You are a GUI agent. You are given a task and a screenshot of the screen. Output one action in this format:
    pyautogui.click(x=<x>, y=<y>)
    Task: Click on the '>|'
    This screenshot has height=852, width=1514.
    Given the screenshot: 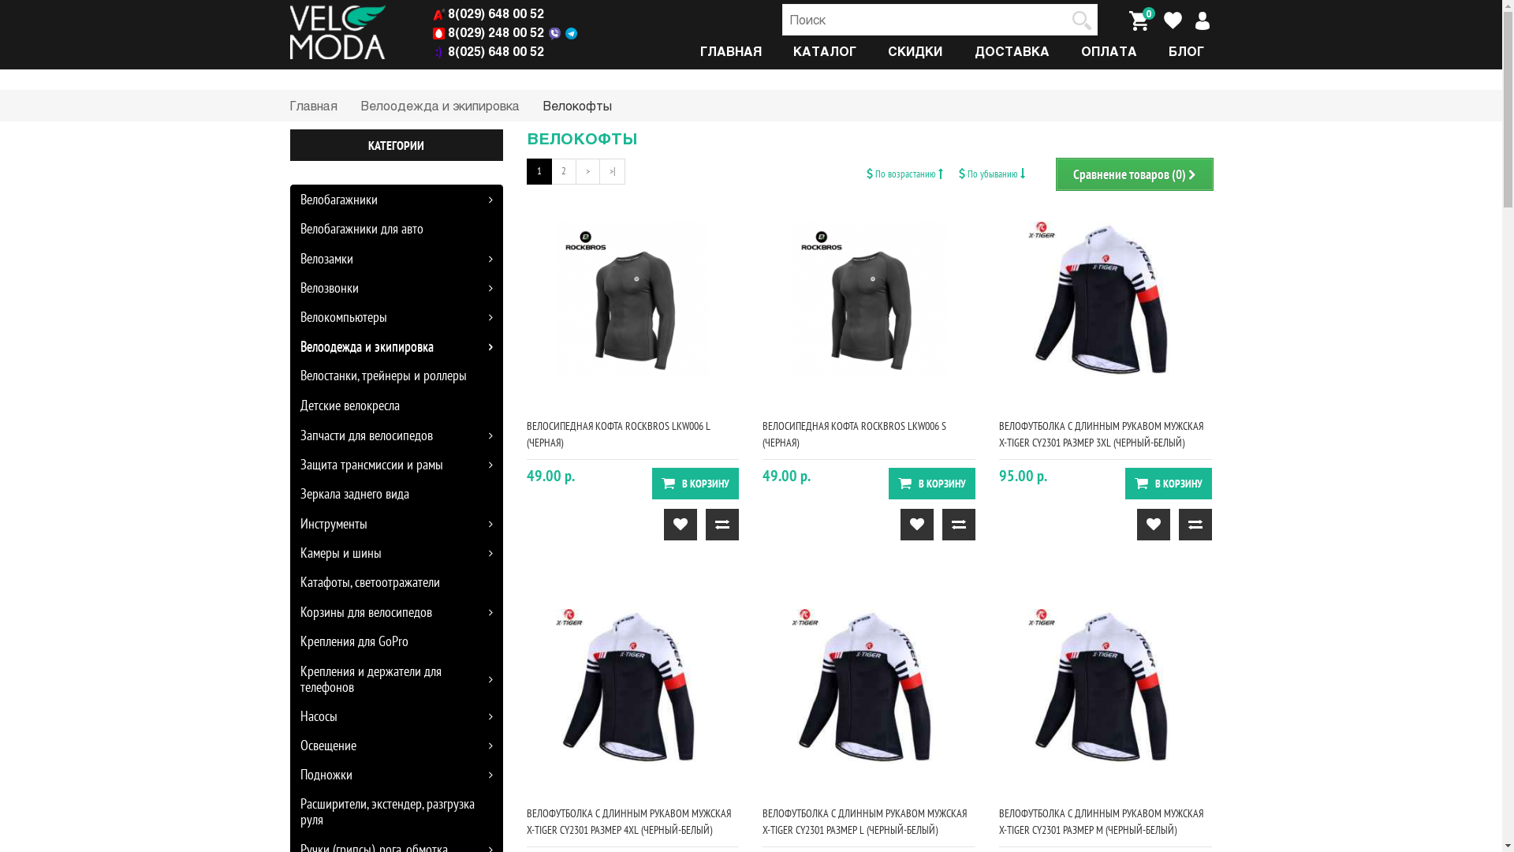 What is the action you would take?
    pyautogui.click(x=611, y=171)
    